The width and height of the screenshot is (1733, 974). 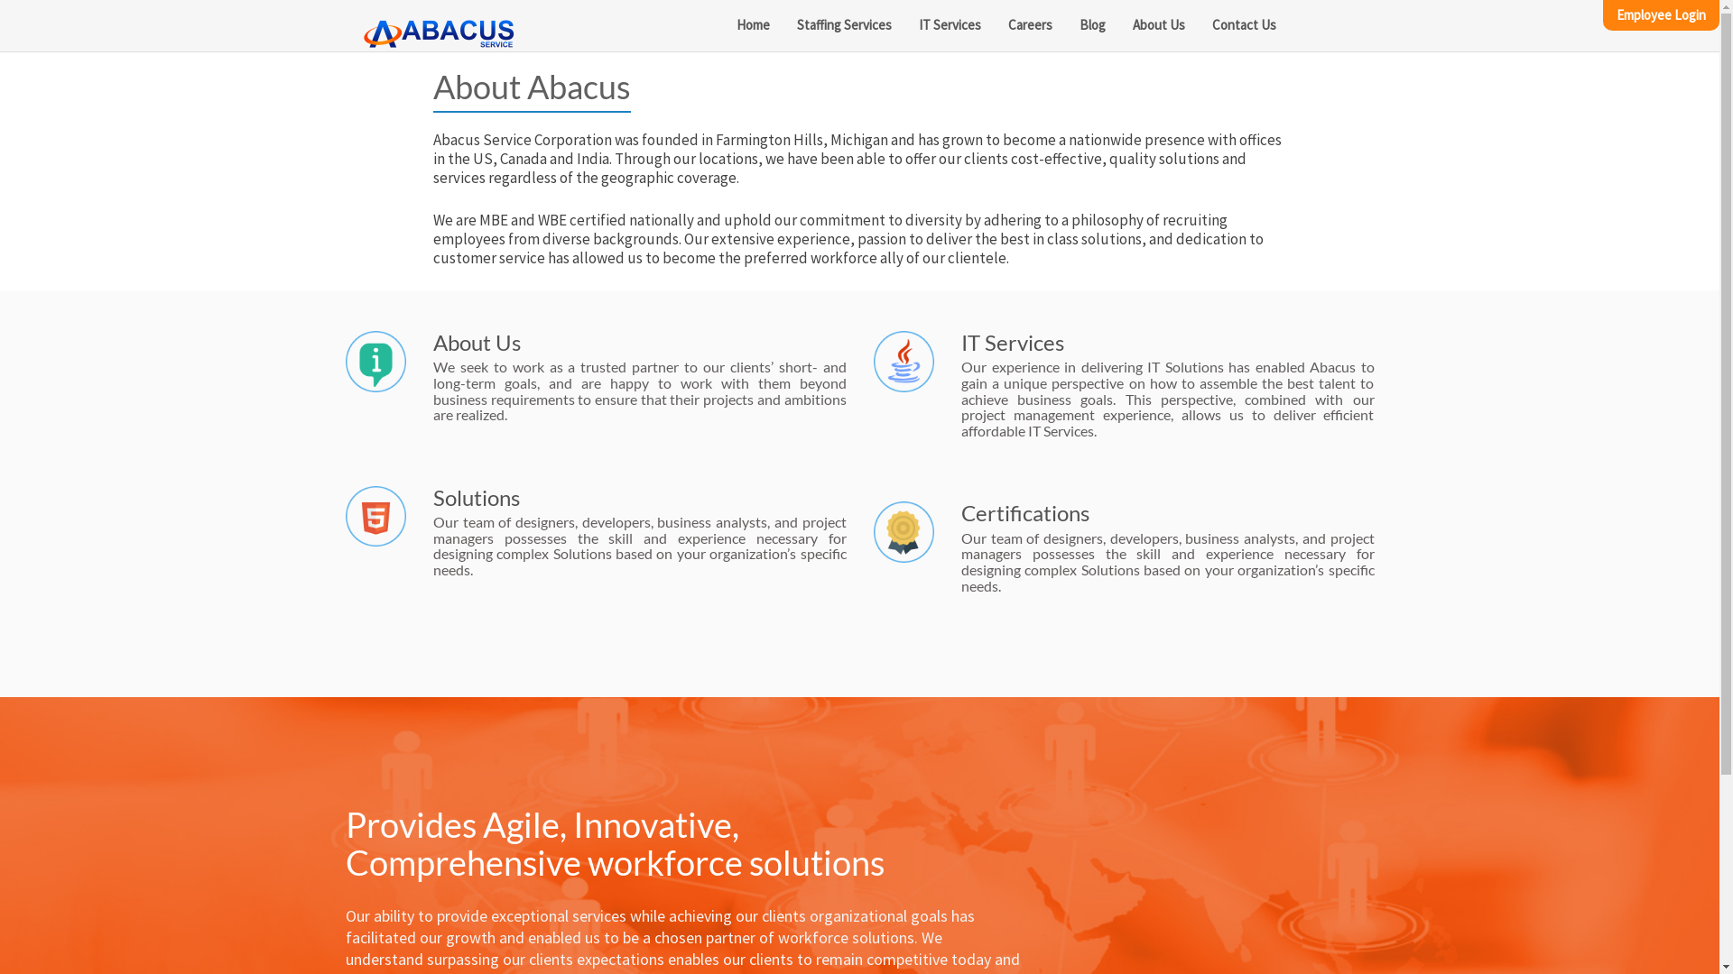 I want to click on 'Home', so click(x=752, y=24).